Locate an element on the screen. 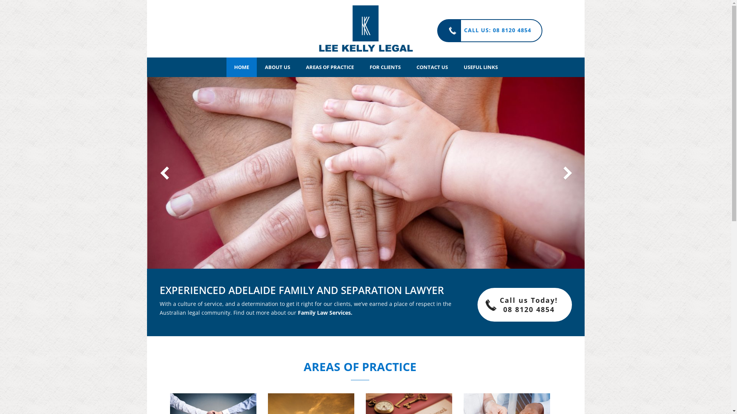 This screenshot has width=737, height=414. 'CONTACT US' is located at coordinates (431, 67).